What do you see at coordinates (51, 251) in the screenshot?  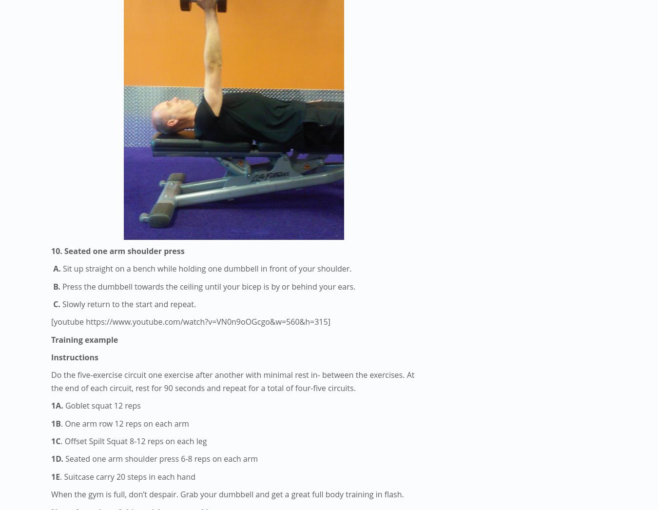 I see `'10. Seated one arm shoulder press'` at bounding box center [51, 251].